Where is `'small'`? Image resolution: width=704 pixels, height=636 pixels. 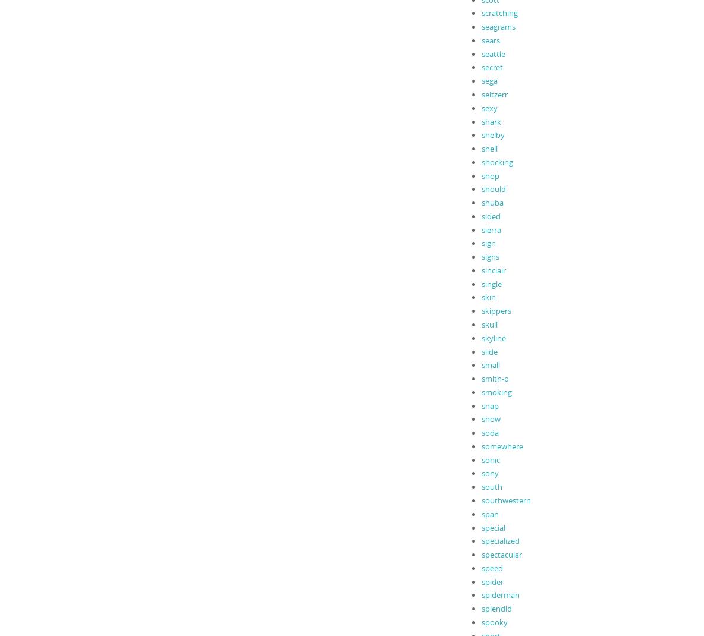 'small' is located at coordinates (490, 364).